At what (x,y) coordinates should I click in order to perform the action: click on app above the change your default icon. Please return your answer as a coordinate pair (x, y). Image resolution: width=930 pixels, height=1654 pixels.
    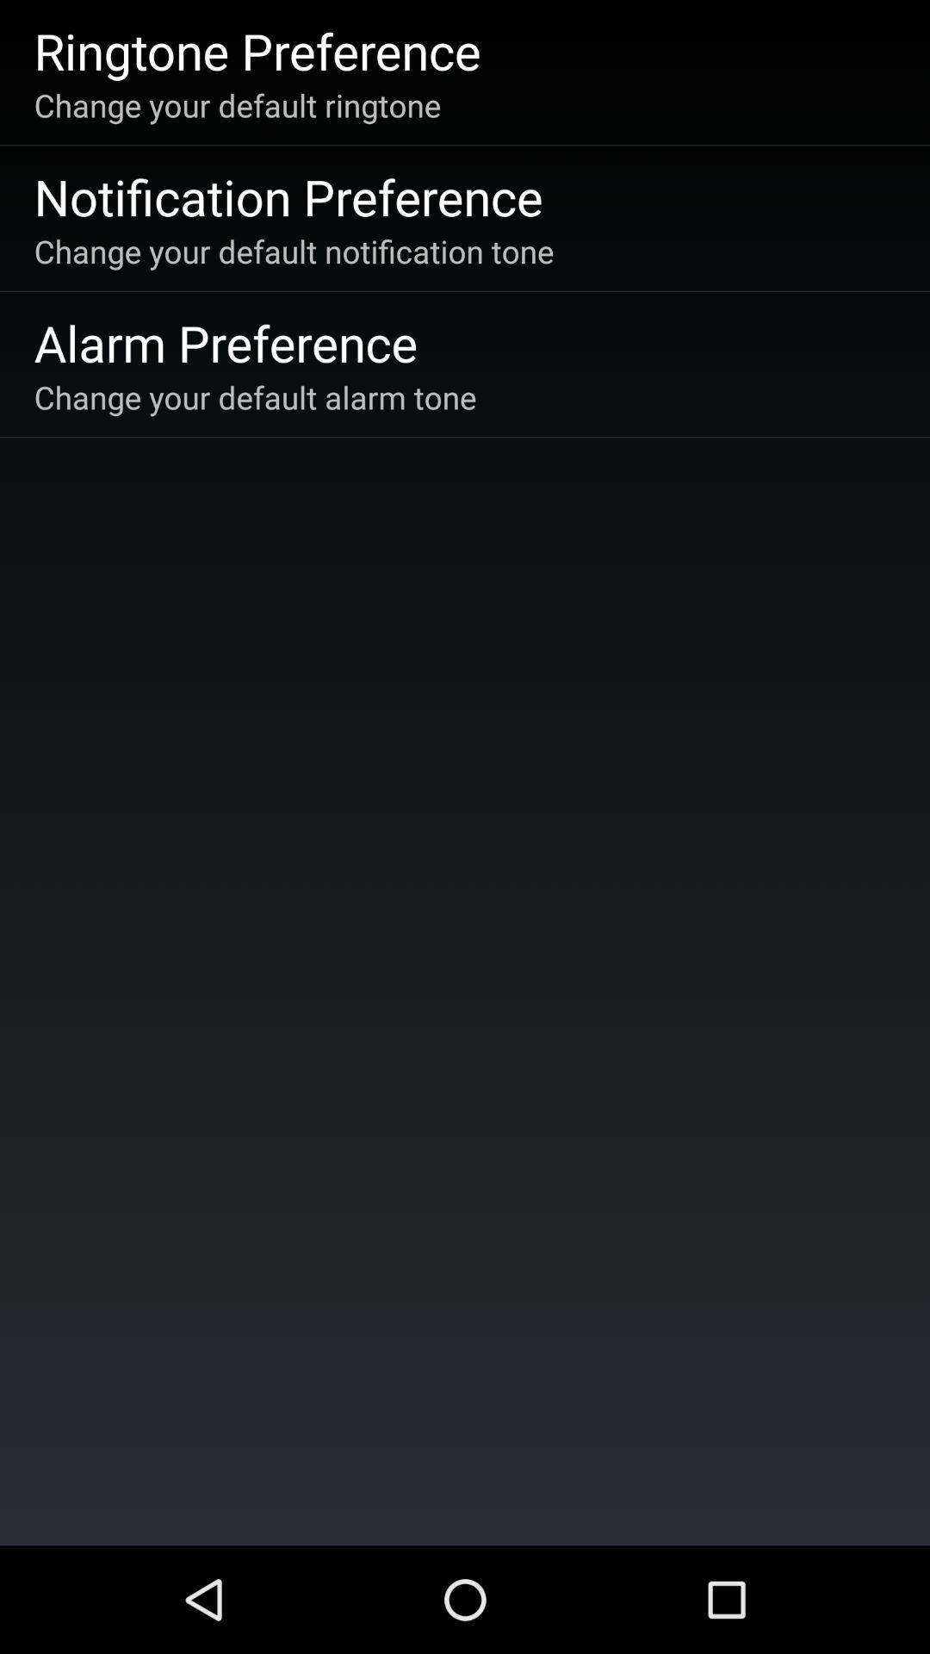
    Looking at the image, I should click on (288, 196).